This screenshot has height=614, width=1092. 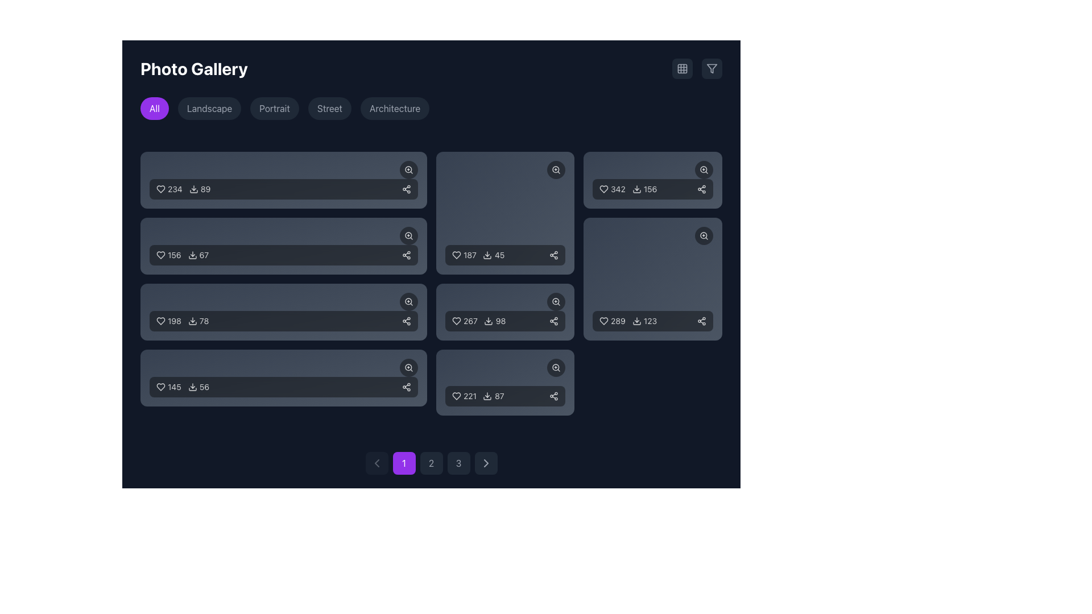 What do you see at coordinates (682, 68) in the screenshot?
I see `the grid layout icon button located at the top-right corner of the interface` at bounding box center [682, 68].